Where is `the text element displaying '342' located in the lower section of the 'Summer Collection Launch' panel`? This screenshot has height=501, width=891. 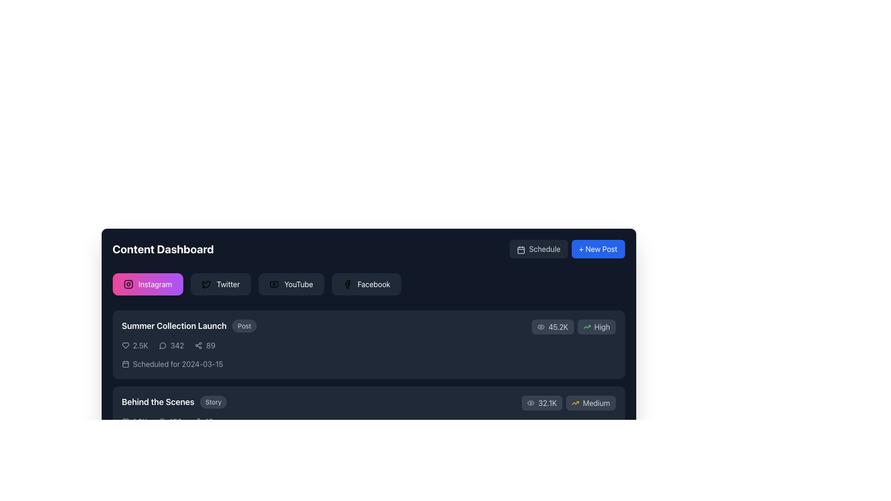
the text element displaying '342' located in the lower section of the 'Summer Collection Launch' panel is located at coordinates (177, 345).